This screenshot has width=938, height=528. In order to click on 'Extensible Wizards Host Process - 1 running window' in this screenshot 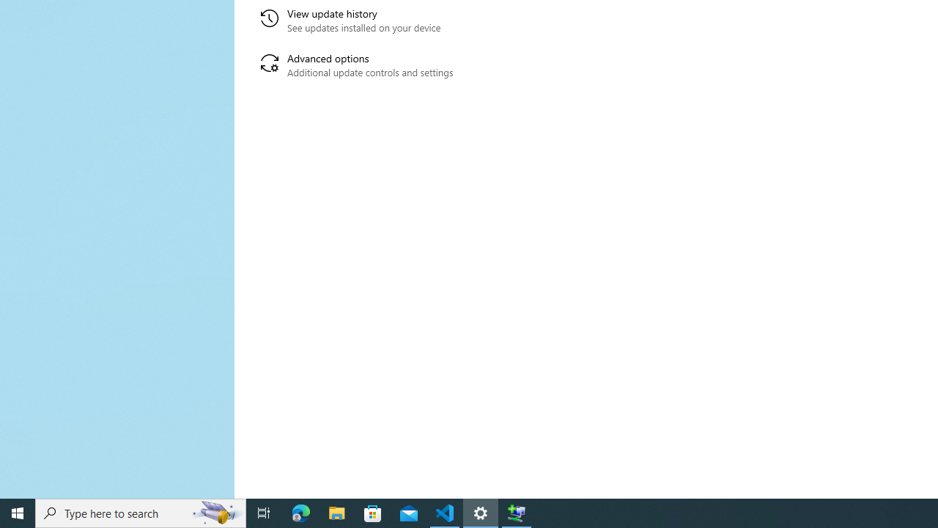, I will do `click(517, 512)`.